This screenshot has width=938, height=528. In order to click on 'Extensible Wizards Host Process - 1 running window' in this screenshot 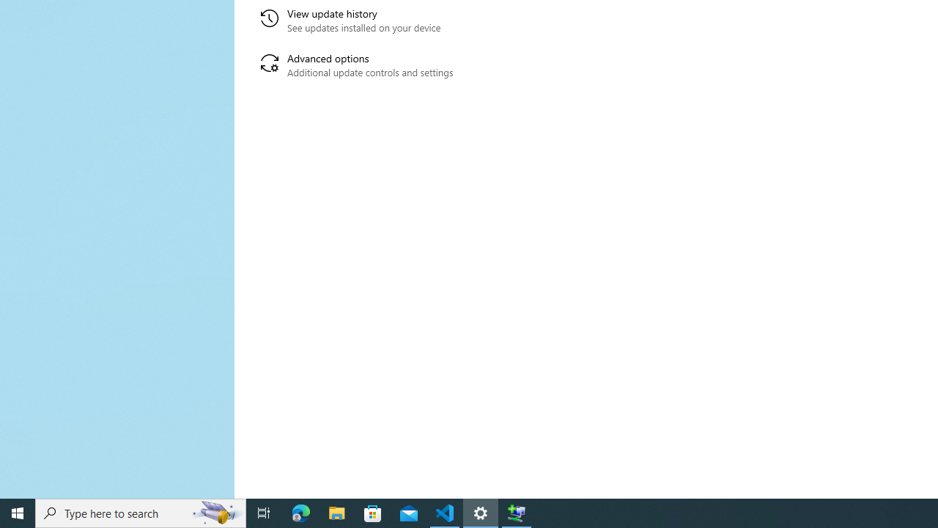, I will do `click(517, 512)`.